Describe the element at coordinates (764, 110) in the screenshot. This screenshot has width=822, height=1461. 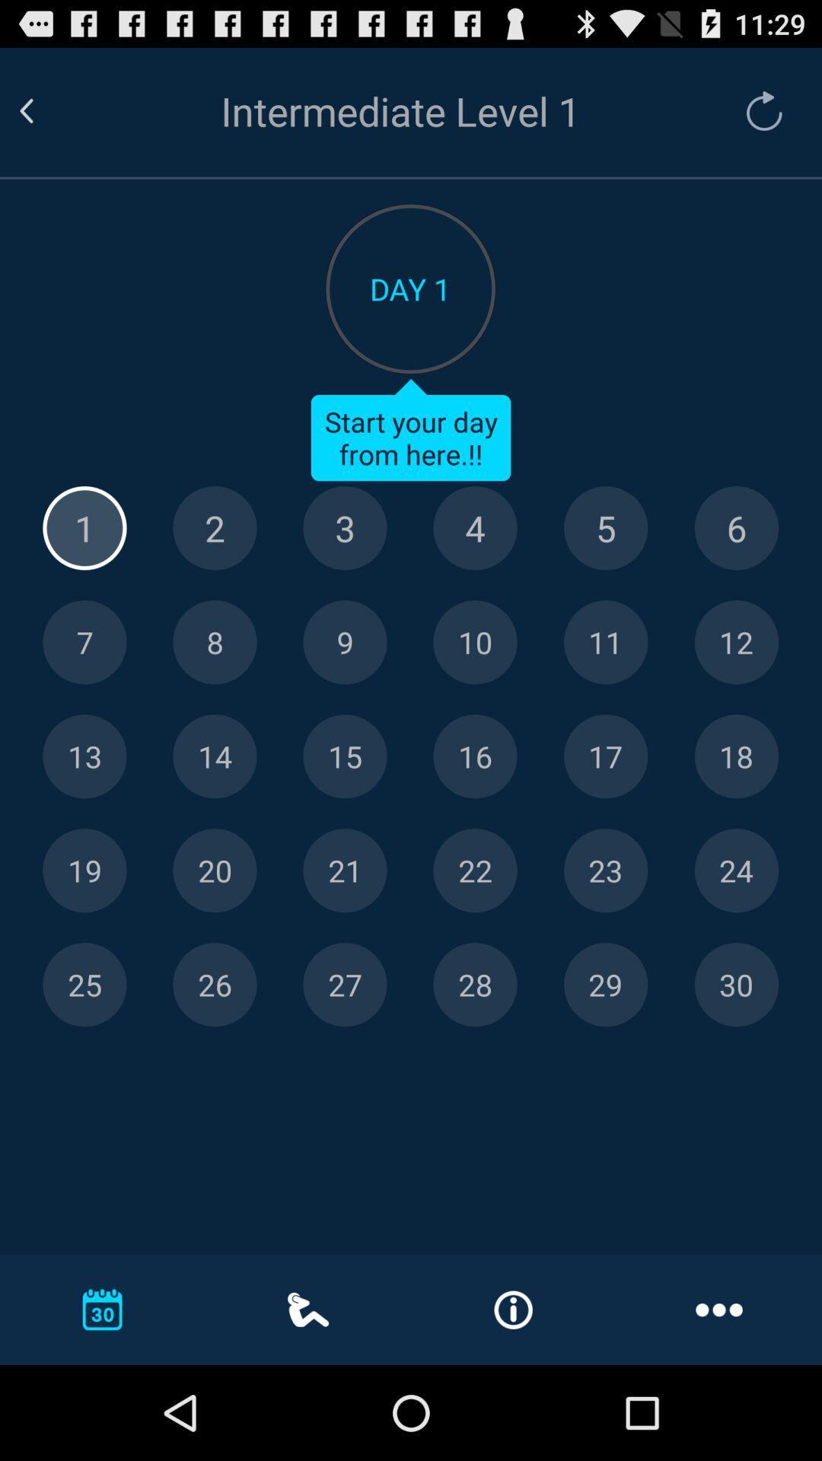
I see `refresh icon which is at the top right side of the page` at that location.